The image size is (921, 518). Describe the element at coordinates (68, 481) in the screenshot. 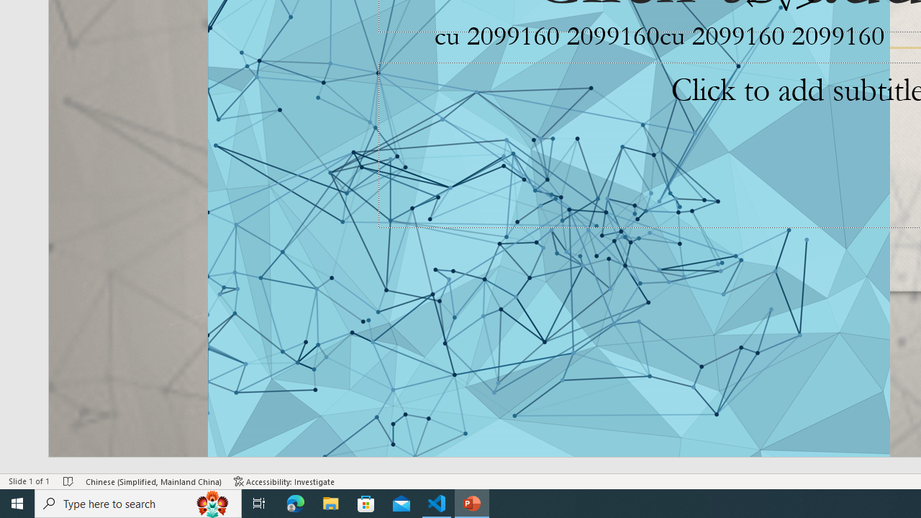

I see `'Spell Check No Errors'` at that location.